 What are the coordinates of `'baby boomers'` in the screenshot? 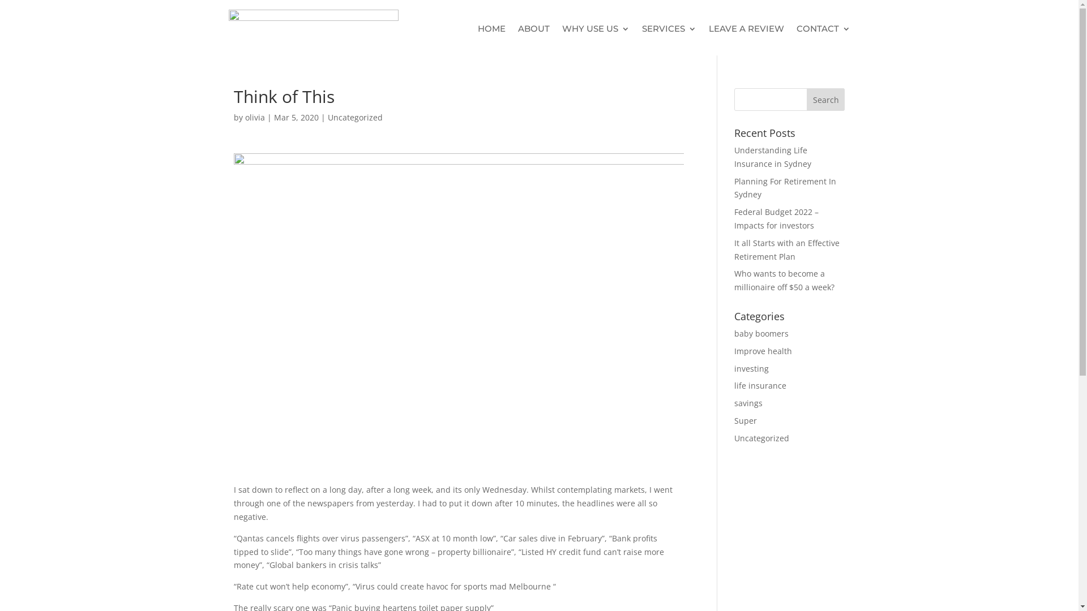 It's located at (761, 333).